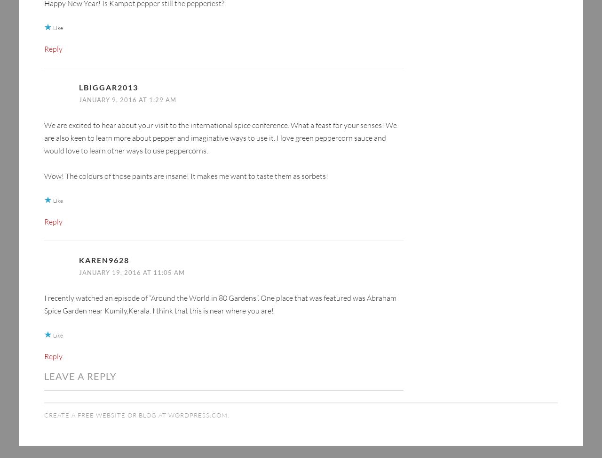 This screenshot has width=602, height=458. What do you see at coordinates (186, 161) in the screenshot?
I see `'Wow! The colours of those paints are insane! It makes me want to taste them as sorbets!'` at bounding box center [186, 161].